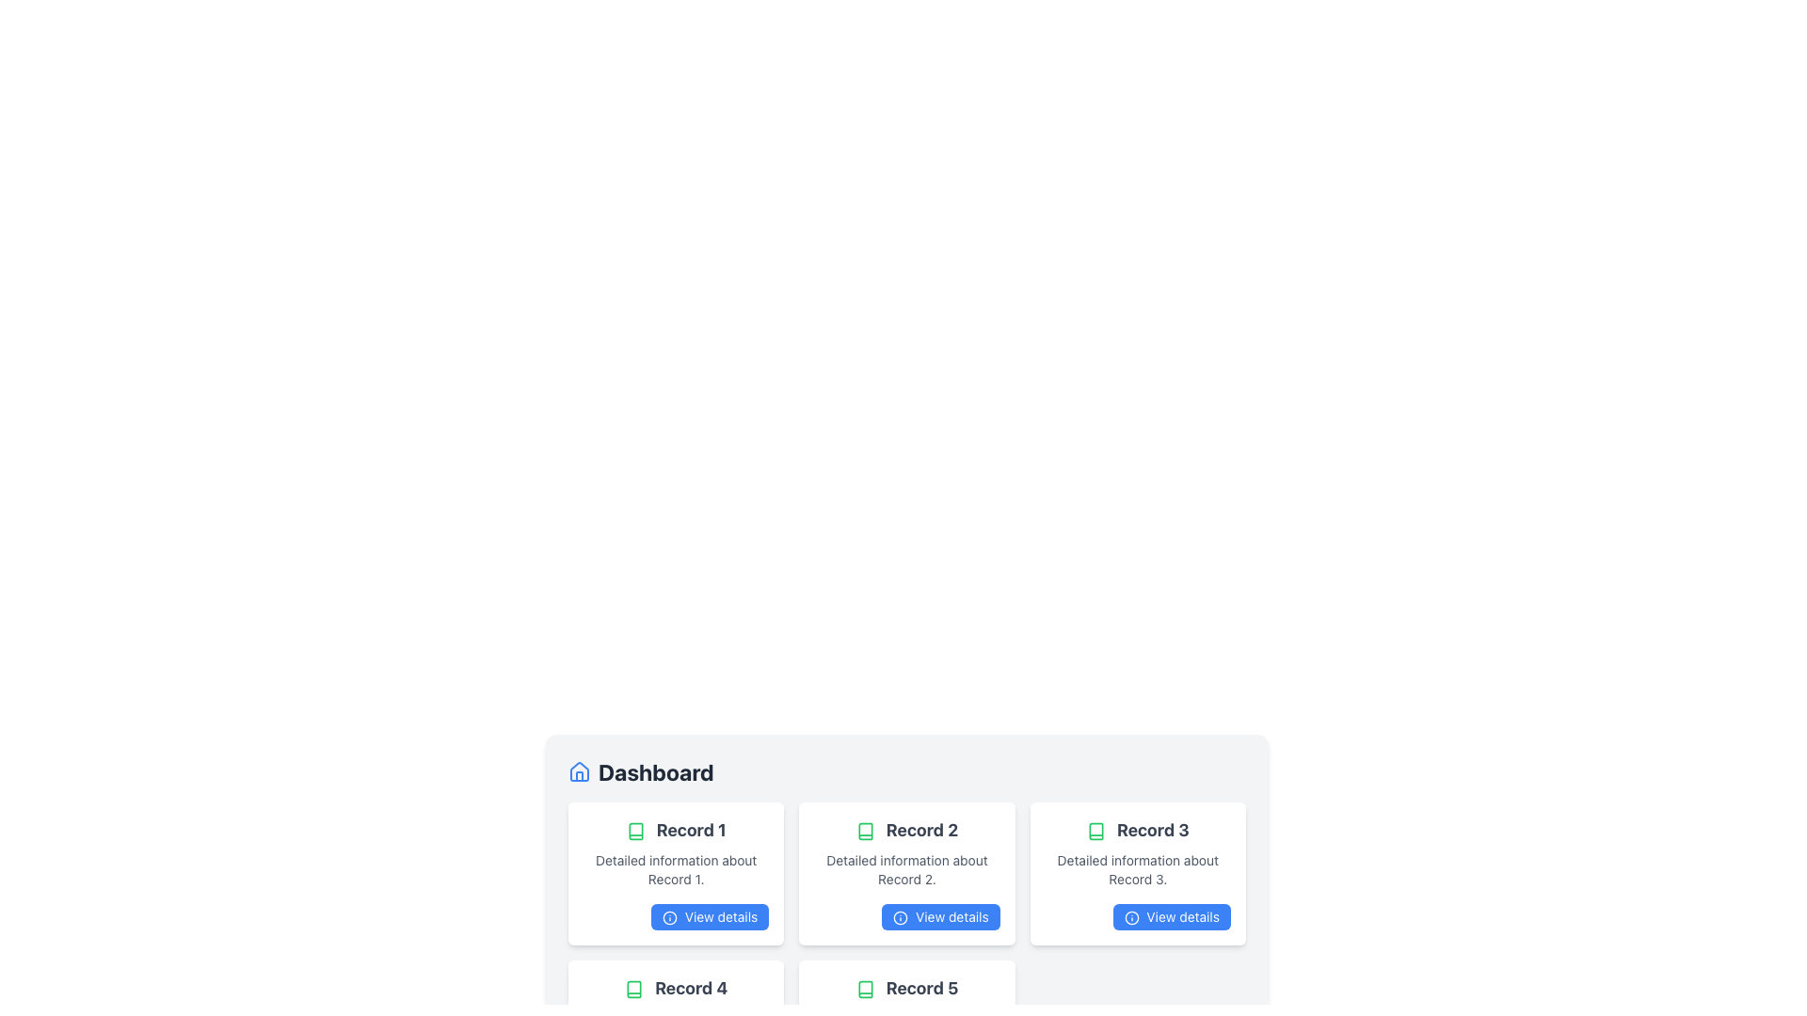  What do you see at coordinates (676, 916) in the screenshot?
I see `the blue rectangular button labeled 'View details' with a circular information icon on its left side, located in the bottom-right corner of the 'Record 1' card` at bounding box center [676, 916].